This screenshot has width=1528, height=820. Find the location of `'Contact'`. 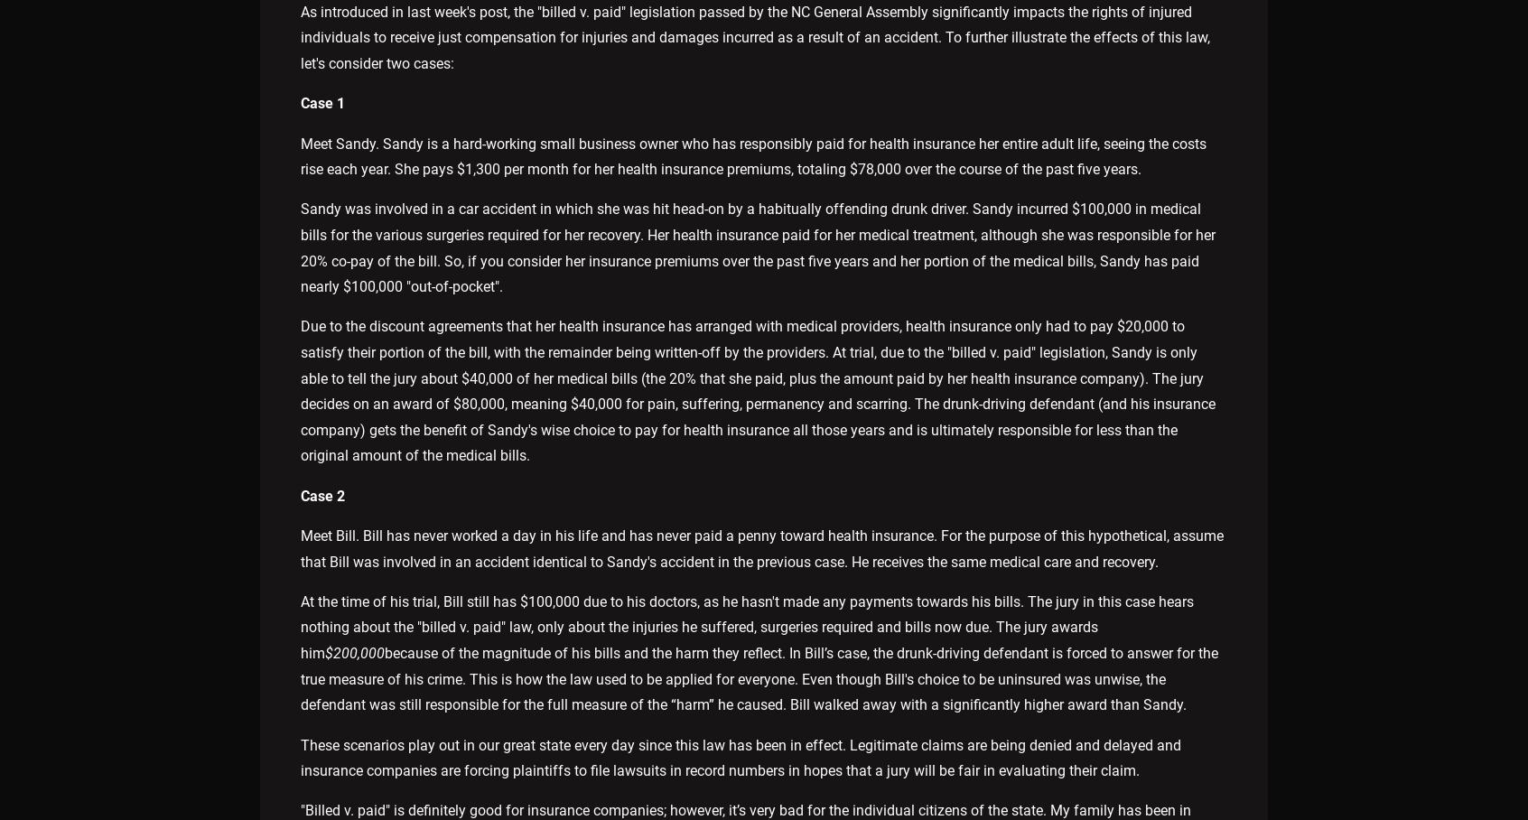

'Contact' is located at coordinates (901, 697).